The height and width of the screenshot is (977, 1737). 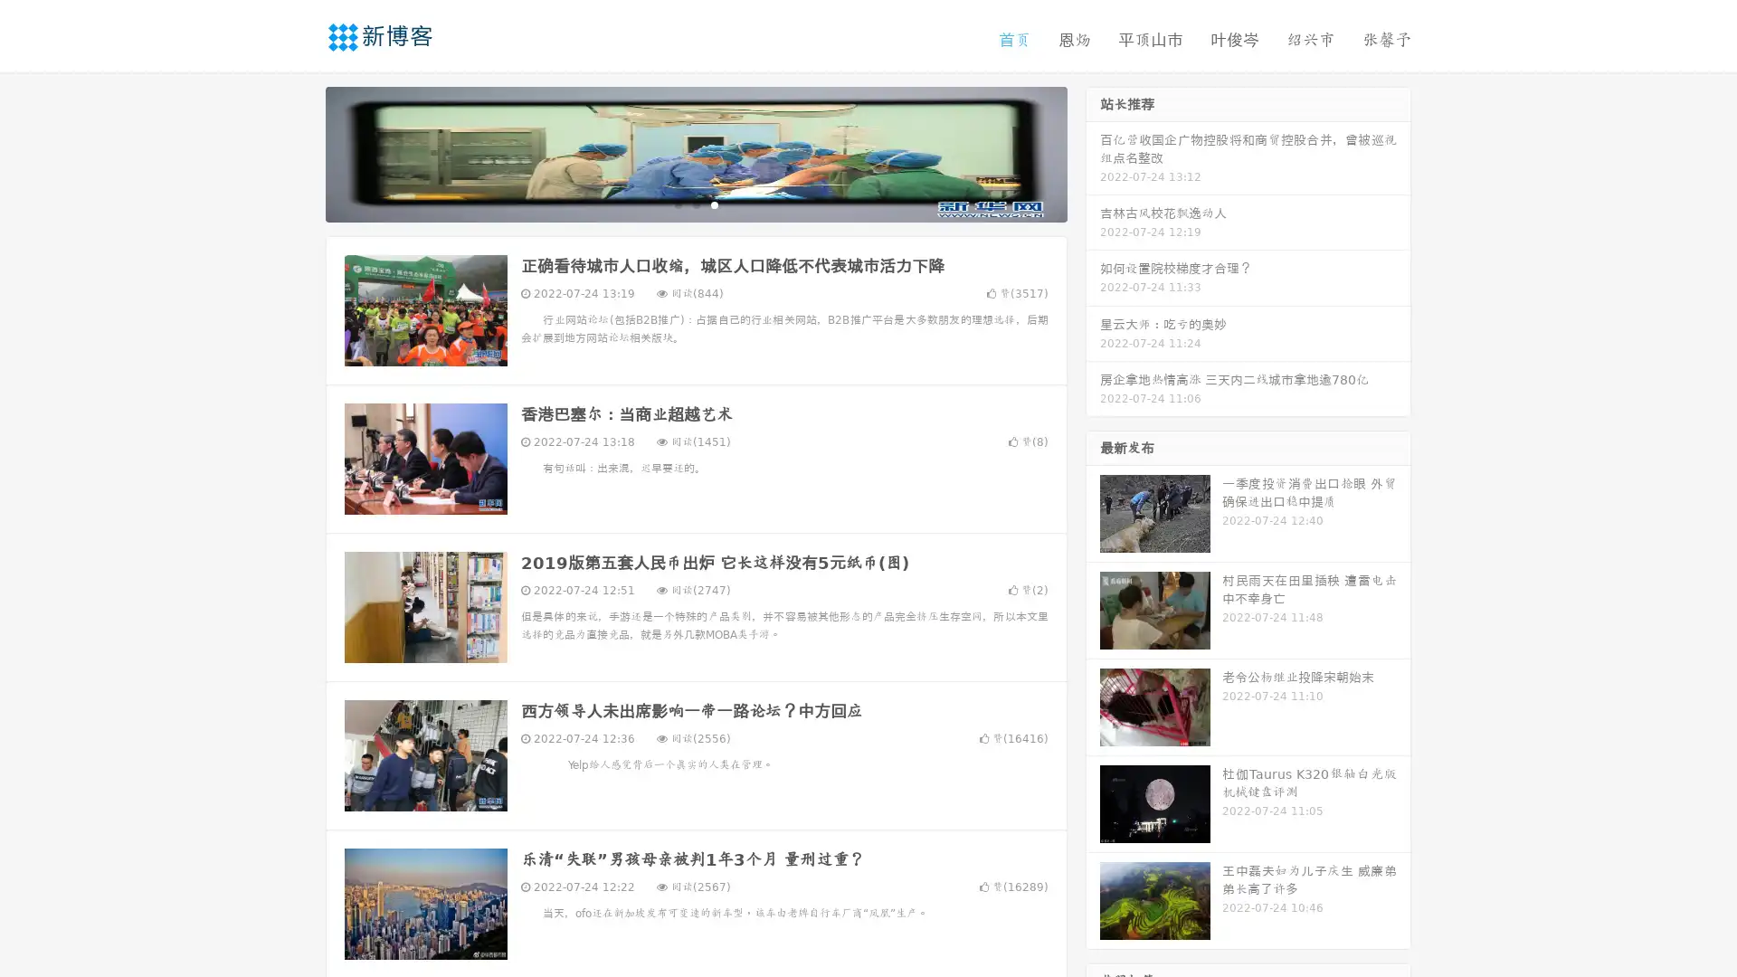 I want to click on Go to slide 1, so click(x=677, y=204).